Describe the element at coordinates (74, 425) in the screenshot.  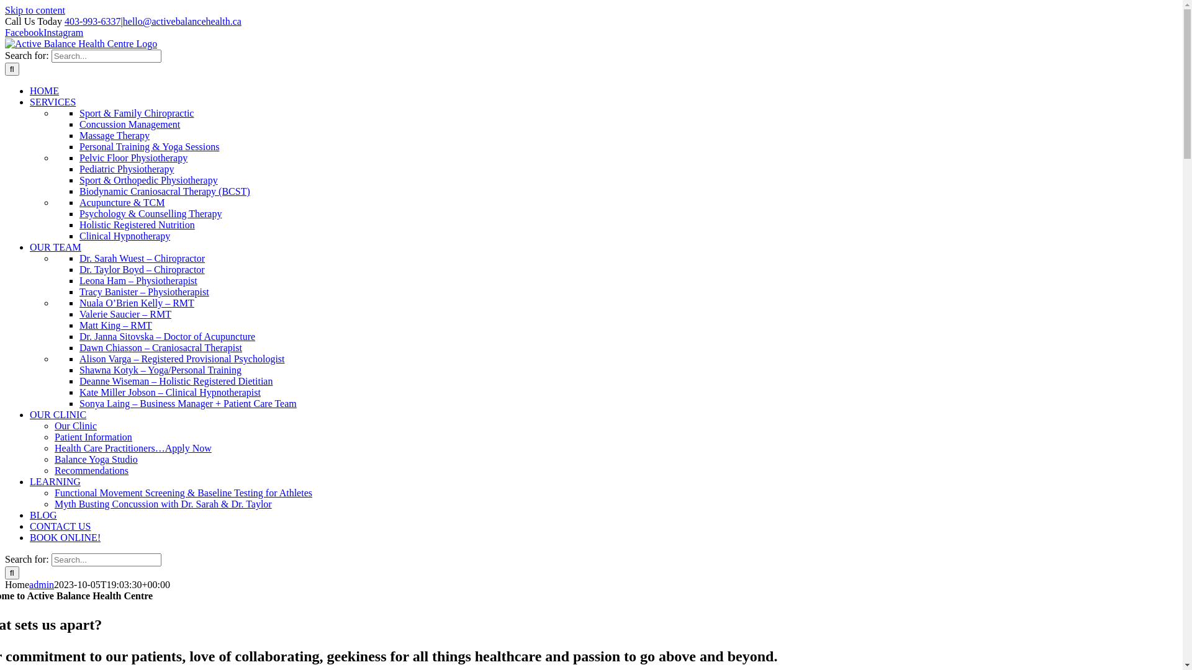
I see `'Our Clinic'` at that location.